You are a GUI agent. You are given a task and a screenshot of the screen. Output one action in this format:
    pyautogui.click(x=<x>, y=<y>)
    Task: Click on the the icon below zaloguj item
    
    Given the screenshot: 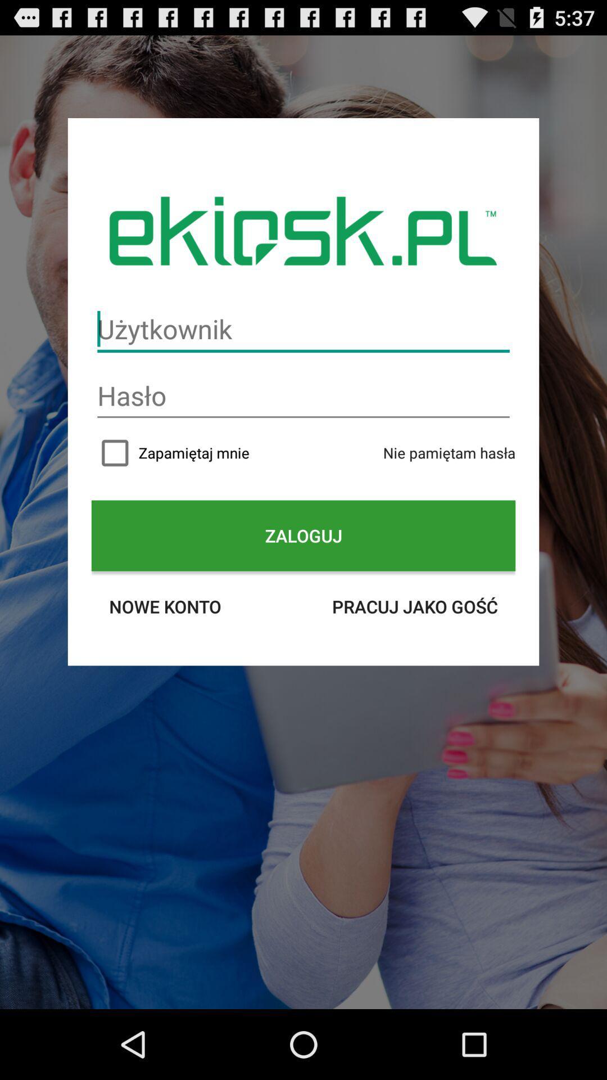 What is the action you would take?
    pyautogui.click(x=165, y=606)
    